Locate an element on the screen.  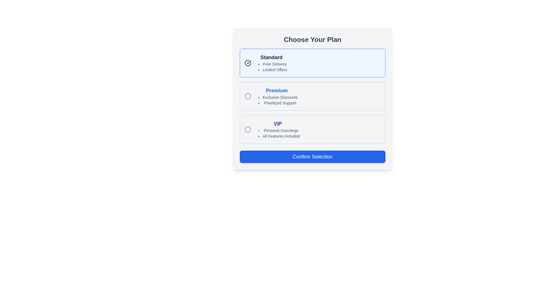
the Circular icon with an unfilled outline located within the 'VIP' option card in the 'Choose Your Plan' section, which is represented by an SVG element with class attributes related to 'lucide-circle' is located at coordinates (248, 129).